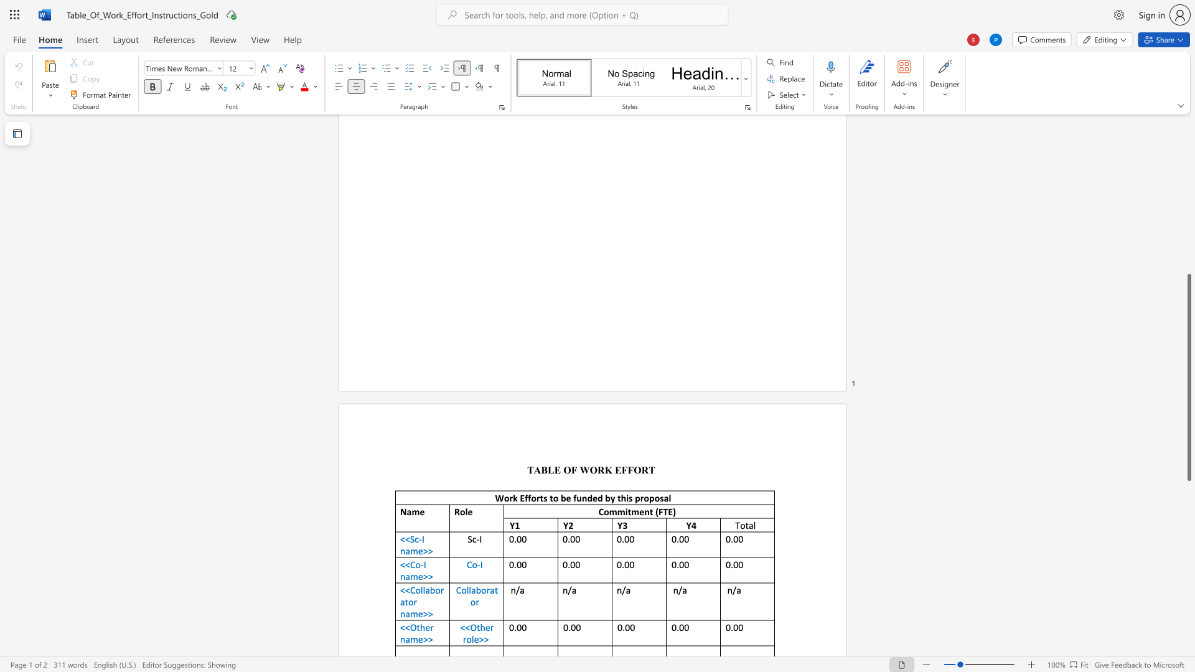 This screenshot has width=1195, height=672. What do you see at coordinates (1188, 136) in the screenshot?
I see `the scrollbar to move the page up` at bounding box center [1188, 136].